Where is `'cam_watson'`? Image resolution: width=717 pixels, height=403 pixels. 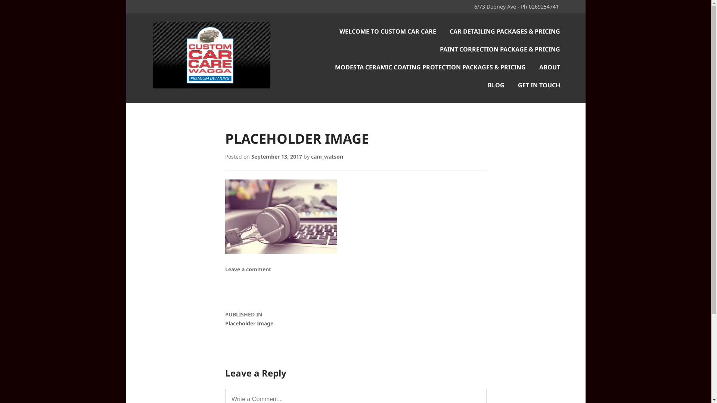 'cam_watson' is located at coordinates (310, 156).